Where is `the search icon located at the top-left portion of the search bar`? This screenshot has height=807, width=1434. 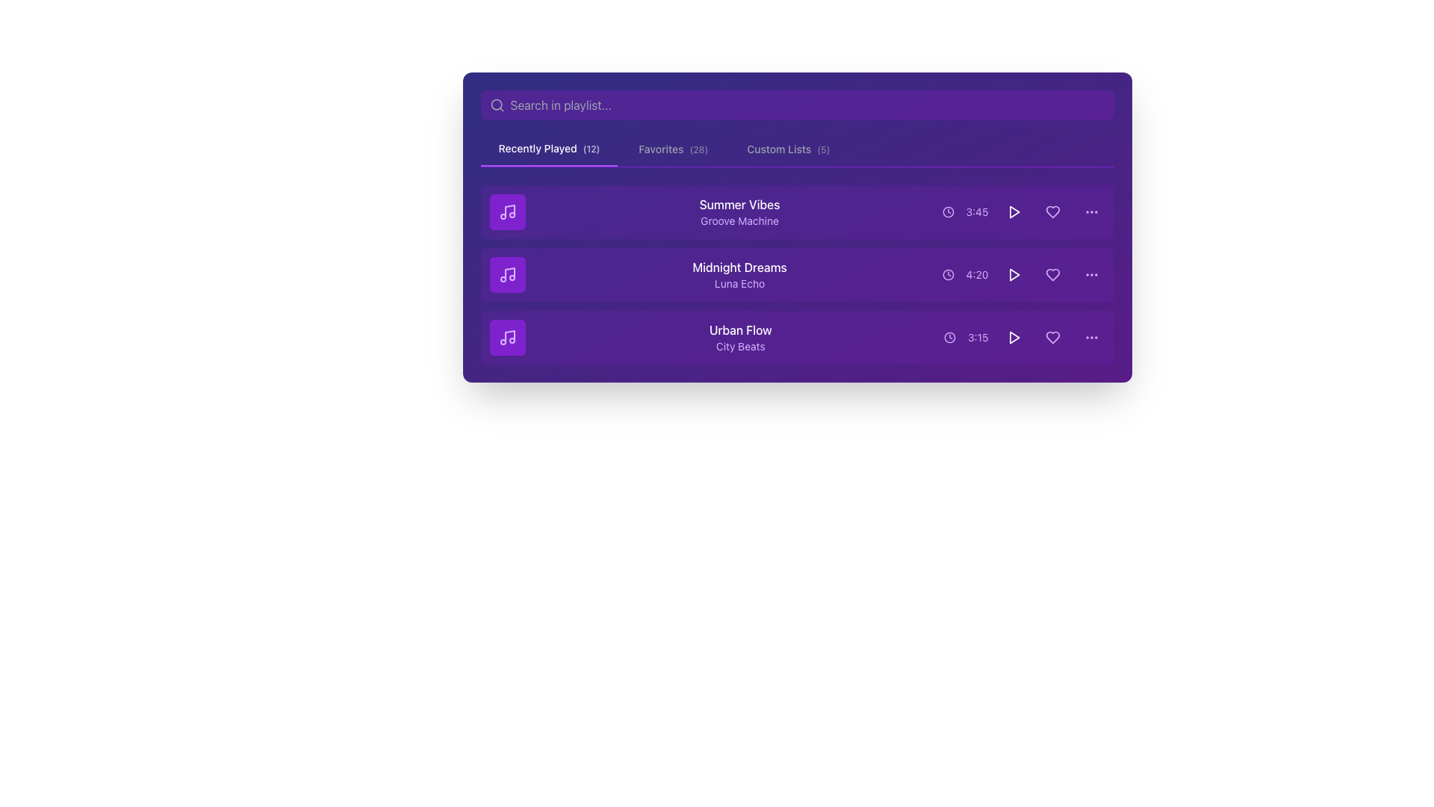 the search icon located at the top-left portion of the search bar is located at coordinates (497, 105).